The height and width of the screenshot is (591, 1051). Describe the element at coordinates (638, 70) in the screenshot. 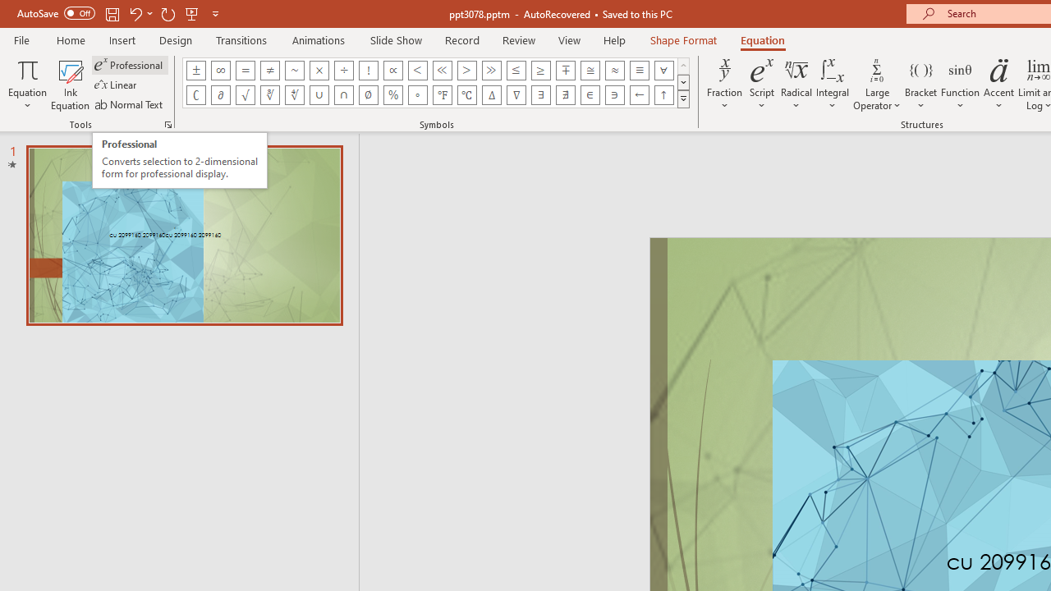

I see `'Equation Symbol Identical To'` at that location.